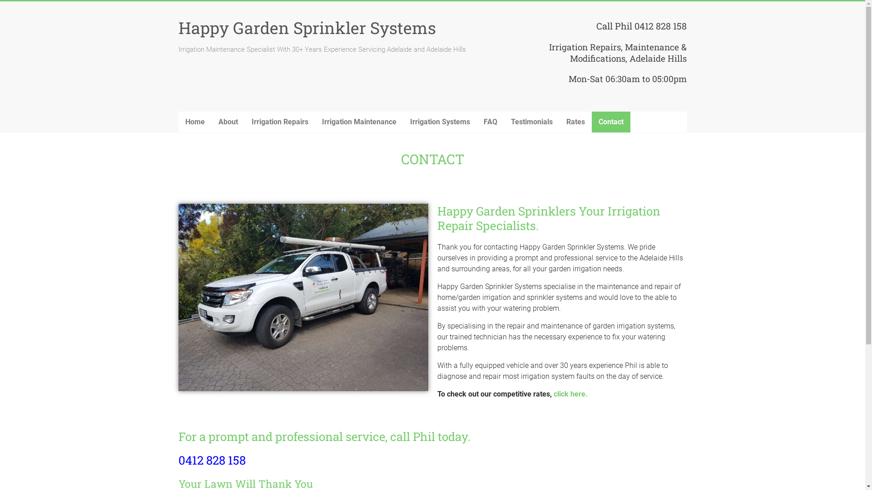 This screenshot has height=490, width=872. Describe the element at coordinates (211, 460) in the screenshot. I see `'0412 828 158'` at that location.